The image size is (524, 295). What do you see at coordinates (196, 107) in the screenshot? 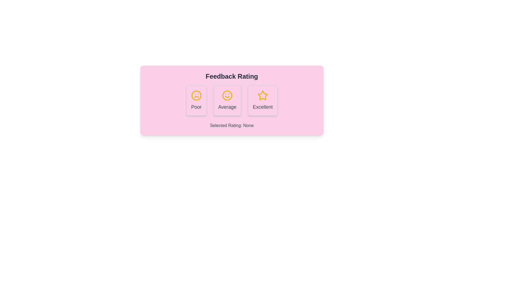
I see `text label that displays the word 'Poor' in bold gray font, located below the yellow frowning face icon in the first rating option` at bounding box center [196, 107].